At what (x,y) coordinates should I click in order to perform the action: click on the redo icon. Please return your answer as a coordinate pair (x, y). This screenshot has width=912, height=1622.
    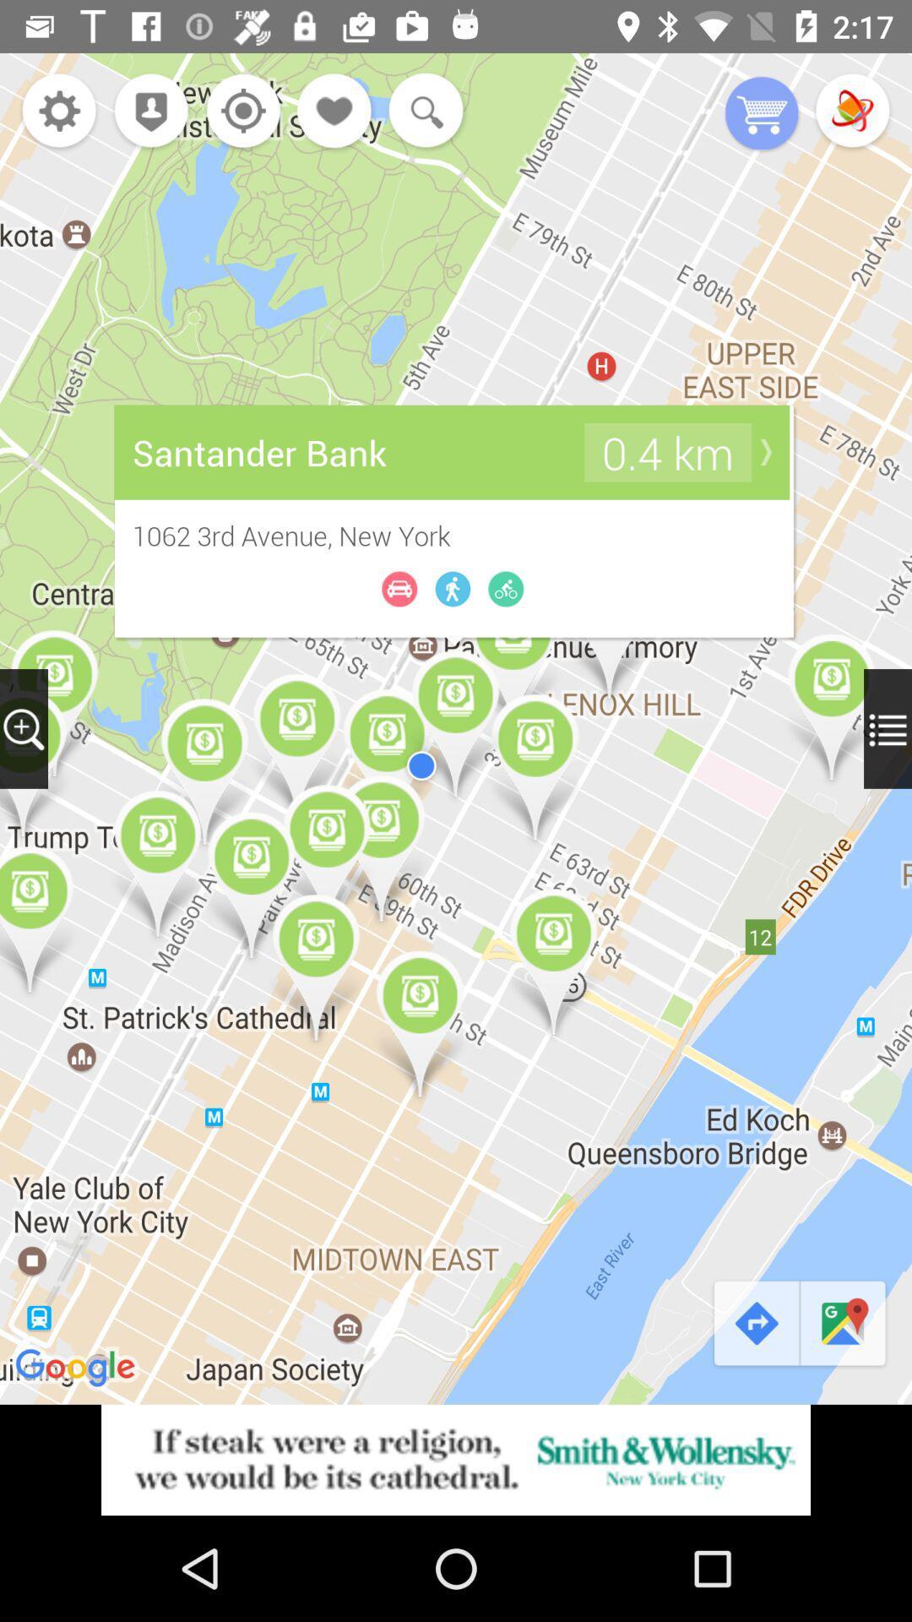
    Looking at the image, I should click on (754, 1323).